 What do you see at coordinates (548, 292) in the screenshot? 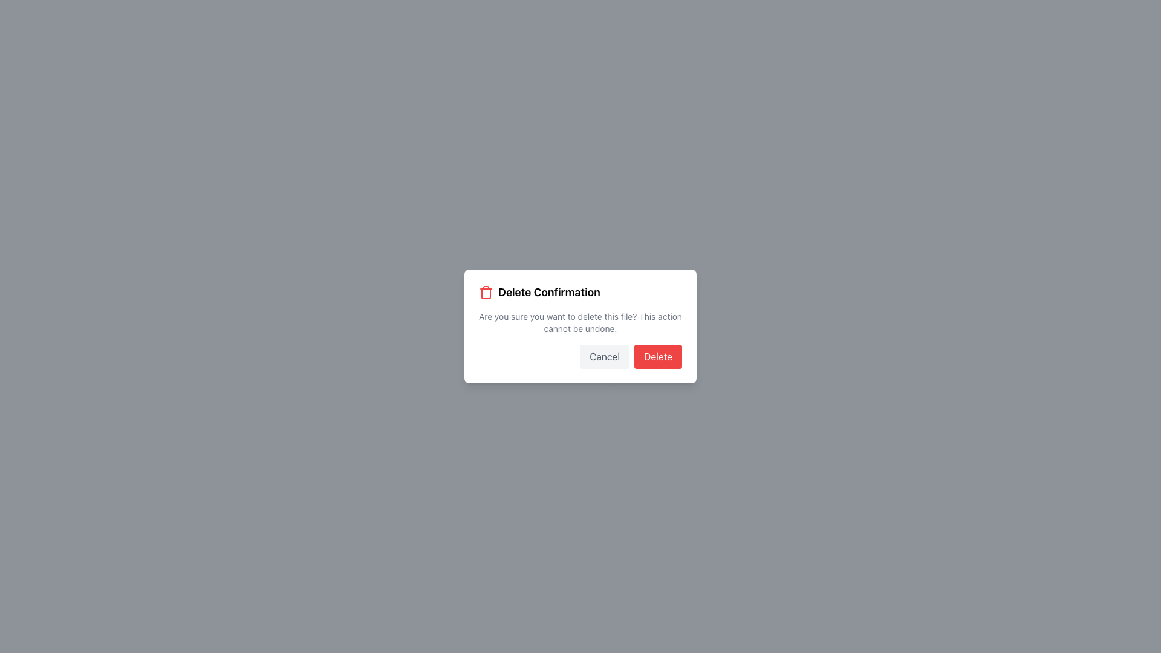
I see `the 'Delete Confirmation' static text label located at the top of the modal dialog box, next to the red trash can icon` at bounding box center [548, 292].